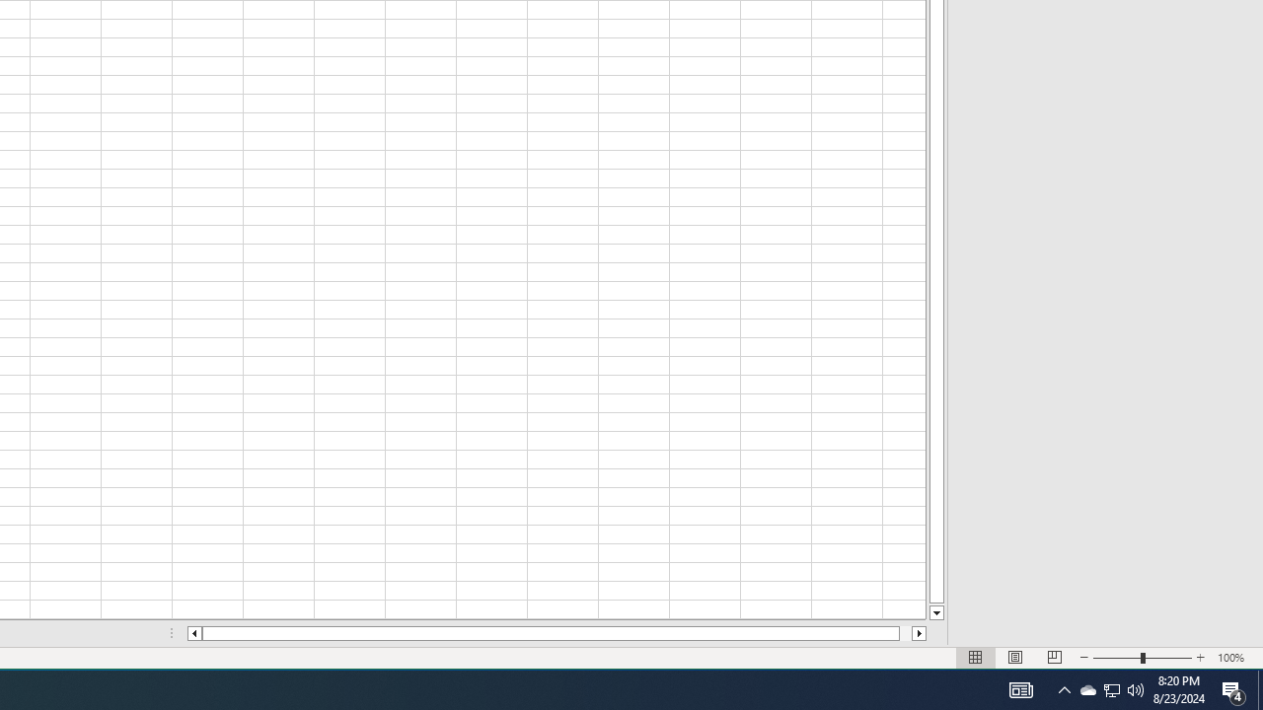 This screenshot has height=710, width=1263. What do you see at coordinates (935, 612) in the screenshot?
I see `'Line down'` at bounding box center [935, 612].